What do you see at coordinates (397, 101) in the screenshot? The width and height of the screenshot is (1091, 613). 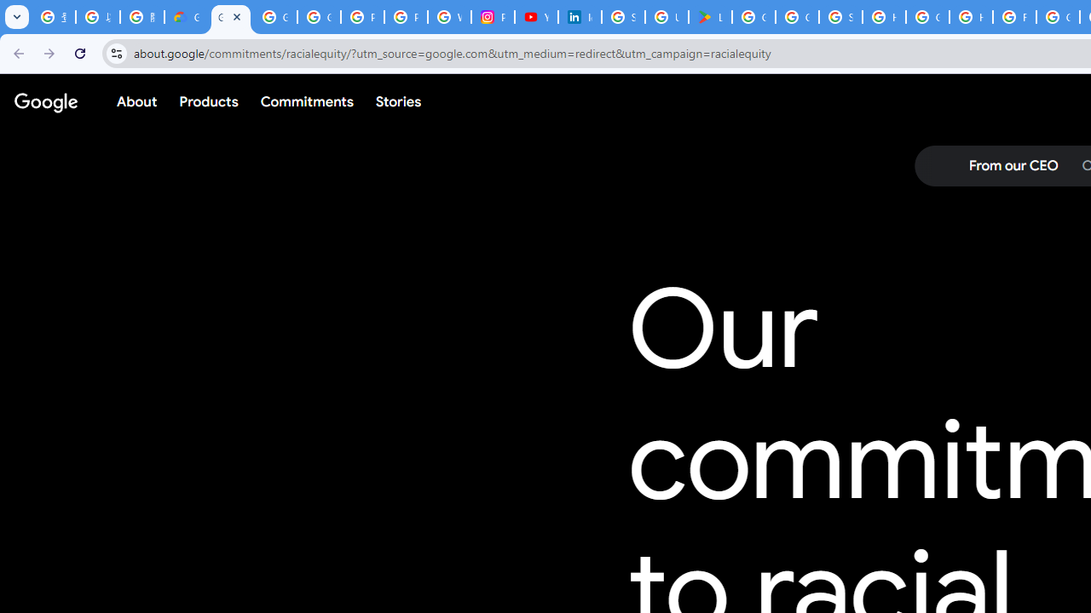 I see `'Stories'` at bounding box center [397, 101].